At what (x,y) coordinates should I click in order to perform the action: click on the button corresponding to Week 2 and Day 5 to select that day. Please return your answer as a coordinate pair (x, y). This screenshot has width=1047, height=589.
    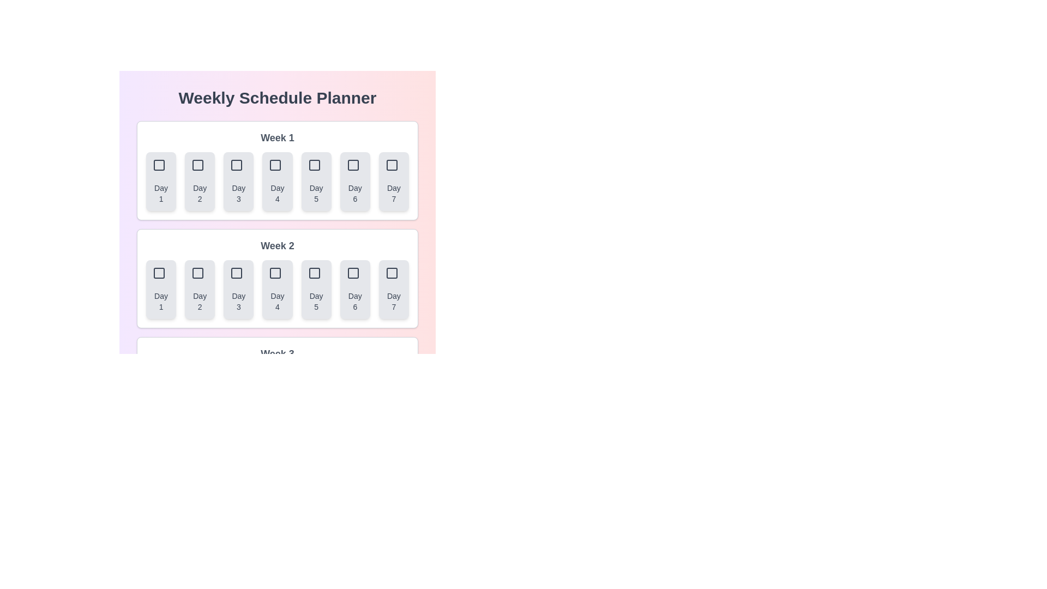
    Looking at the image, I should click on (316, 289).